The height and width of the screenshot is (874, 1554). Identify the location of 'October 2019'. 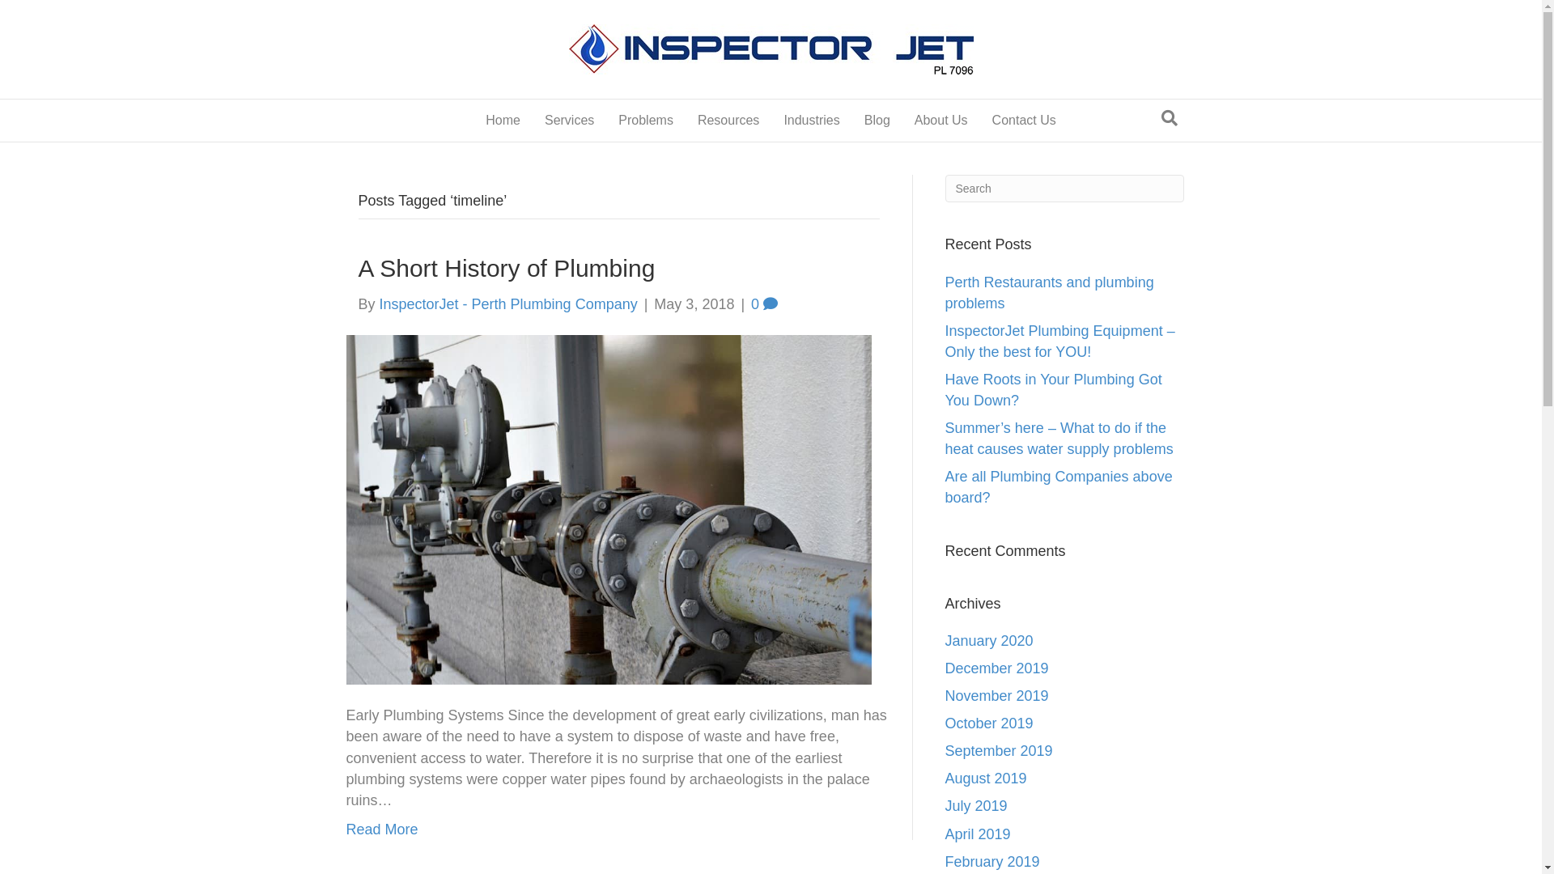
(945, 723).